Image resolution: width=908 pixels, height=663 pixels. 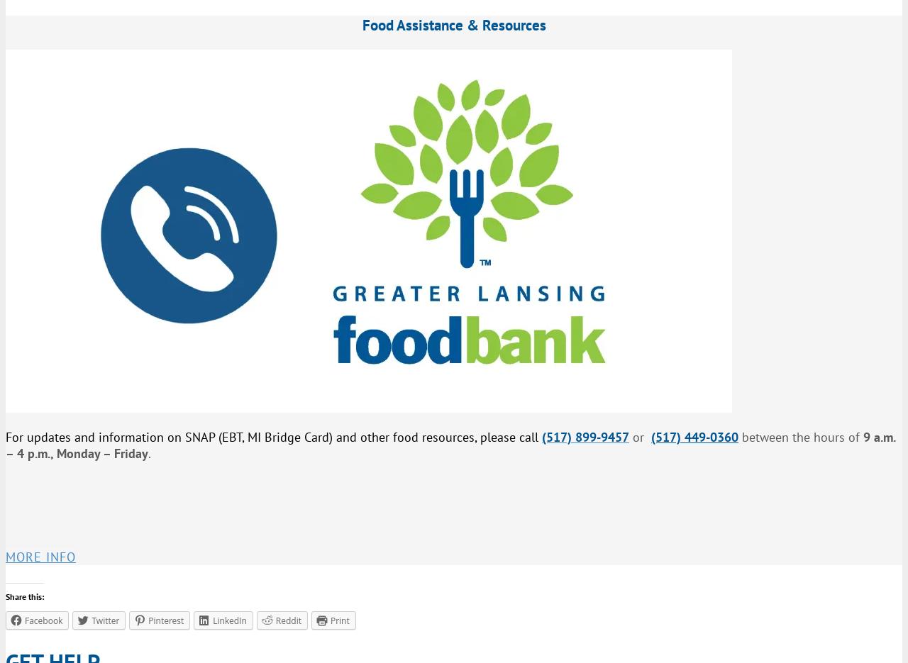 I want to click on 'or', so click(x=639, y=436).